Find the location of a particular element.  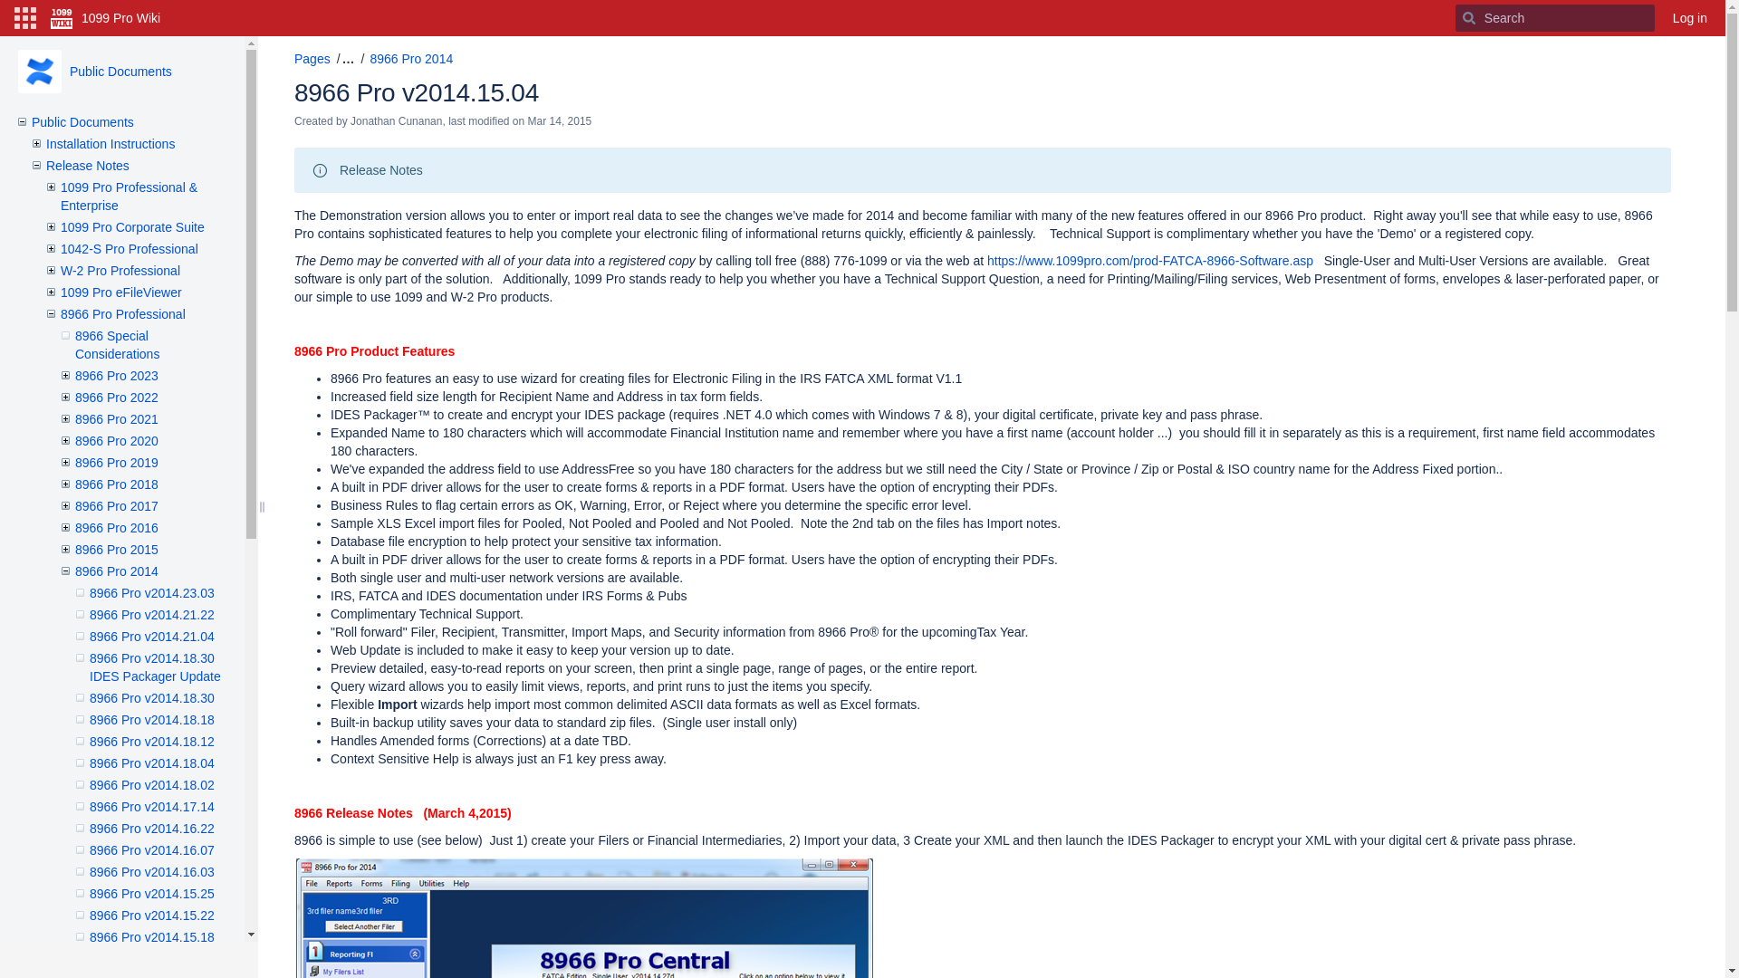

'8966 Pro 2023' is located at coordinates (116, 375).